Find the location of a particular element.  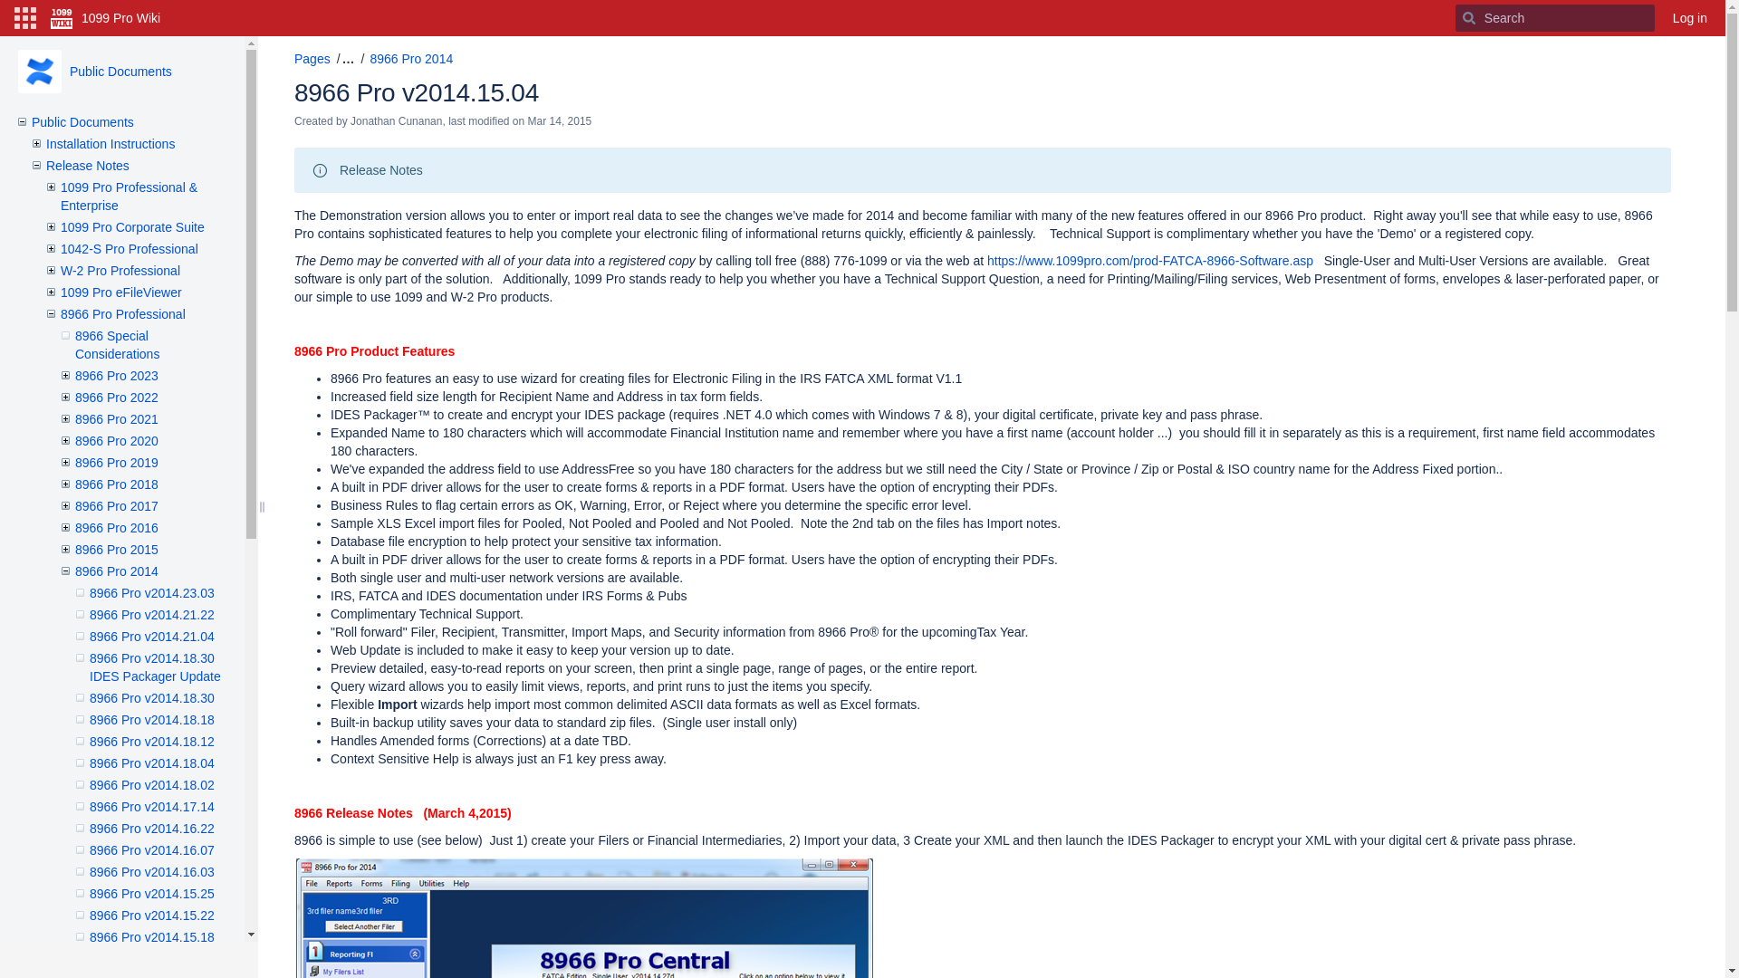

'8966 Pro 2023' is located at coordinates (116, 375).